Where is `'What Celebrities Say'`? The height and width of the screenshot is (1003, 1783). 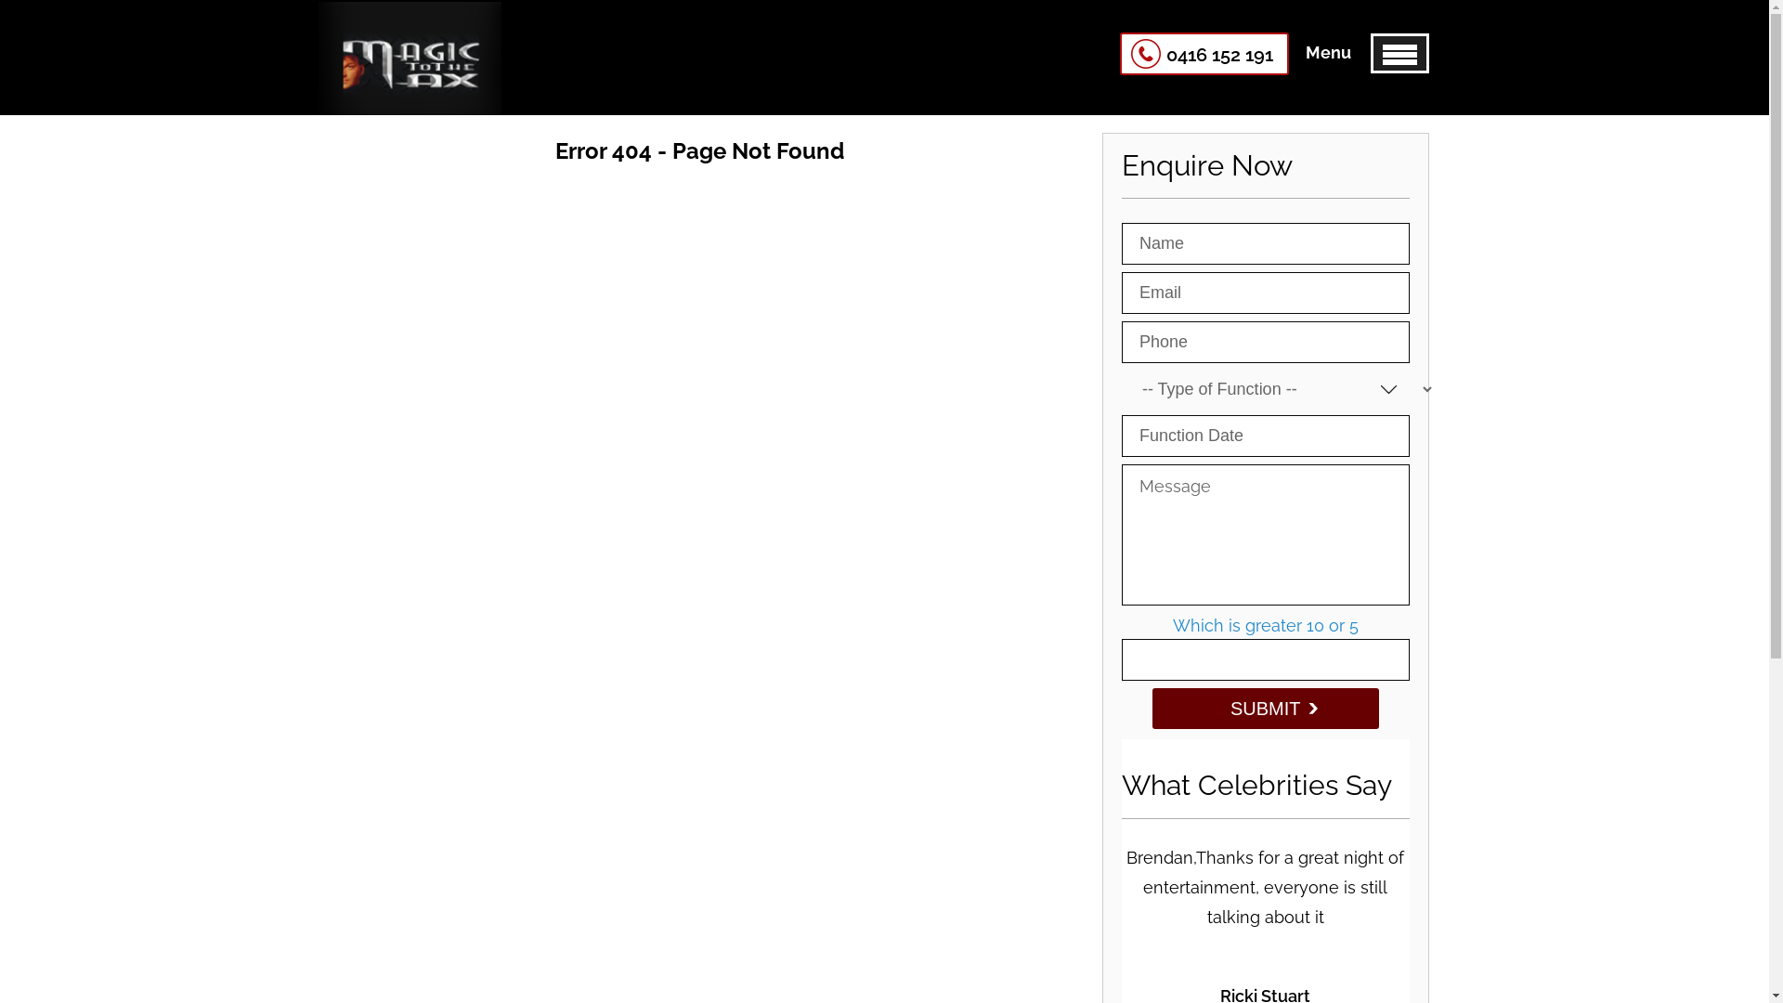 'What Celebrities Say' is located at coordinates (1256, 785).